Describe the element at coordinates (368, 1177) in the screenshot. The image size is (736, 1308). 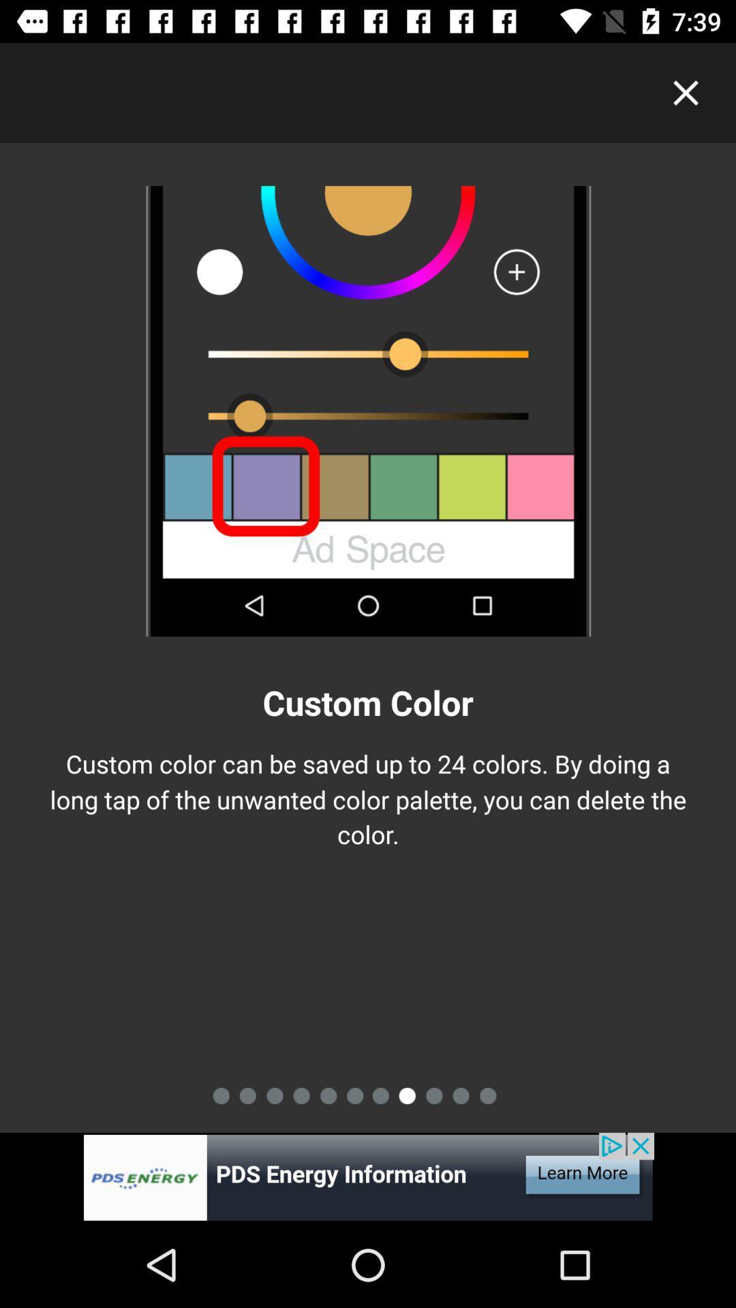
I see `advertisement` at that location.